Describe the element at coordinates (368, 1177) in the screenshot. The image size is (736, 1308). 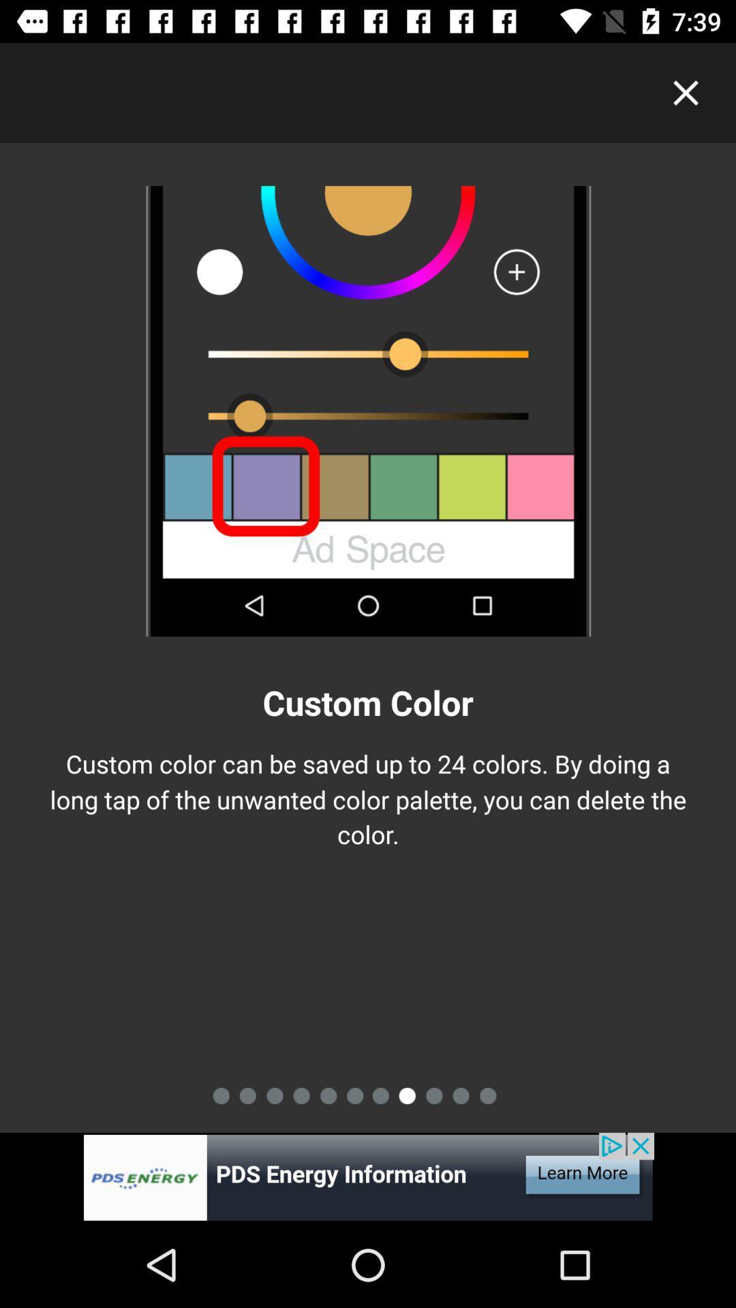
I see `advertisement` at that location.